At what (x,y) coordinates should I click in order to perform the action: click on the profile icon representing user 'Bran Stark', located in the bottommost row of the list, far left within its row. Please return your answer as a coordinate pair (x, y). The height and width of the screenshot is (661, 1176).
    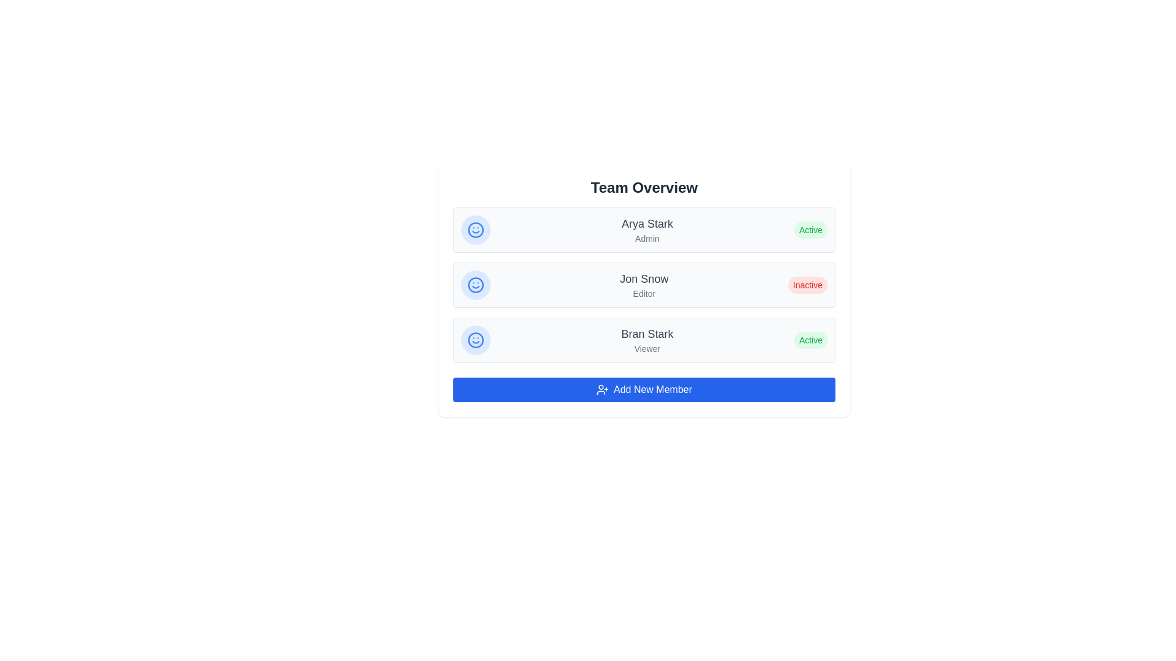
    Looking at the image, I should click on (475, 340).